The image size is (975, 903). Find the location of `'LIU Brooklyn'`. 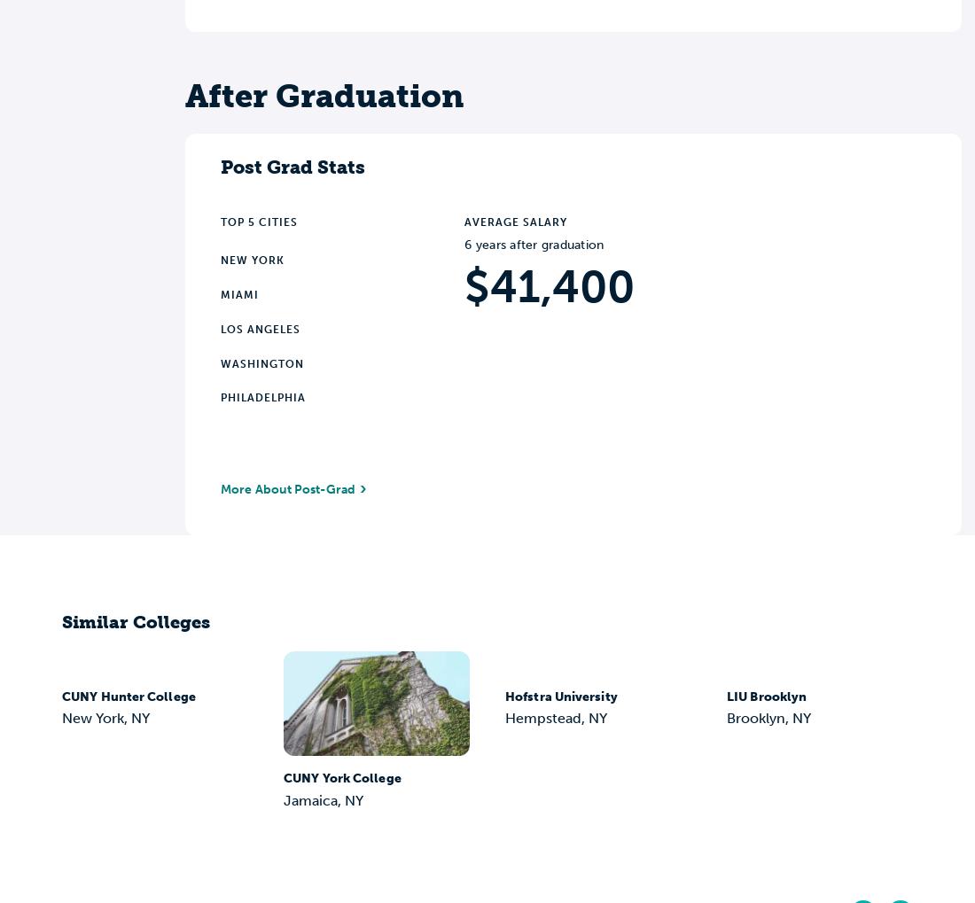

'LIU Brooklyn' is located at coordinates (766, 695).